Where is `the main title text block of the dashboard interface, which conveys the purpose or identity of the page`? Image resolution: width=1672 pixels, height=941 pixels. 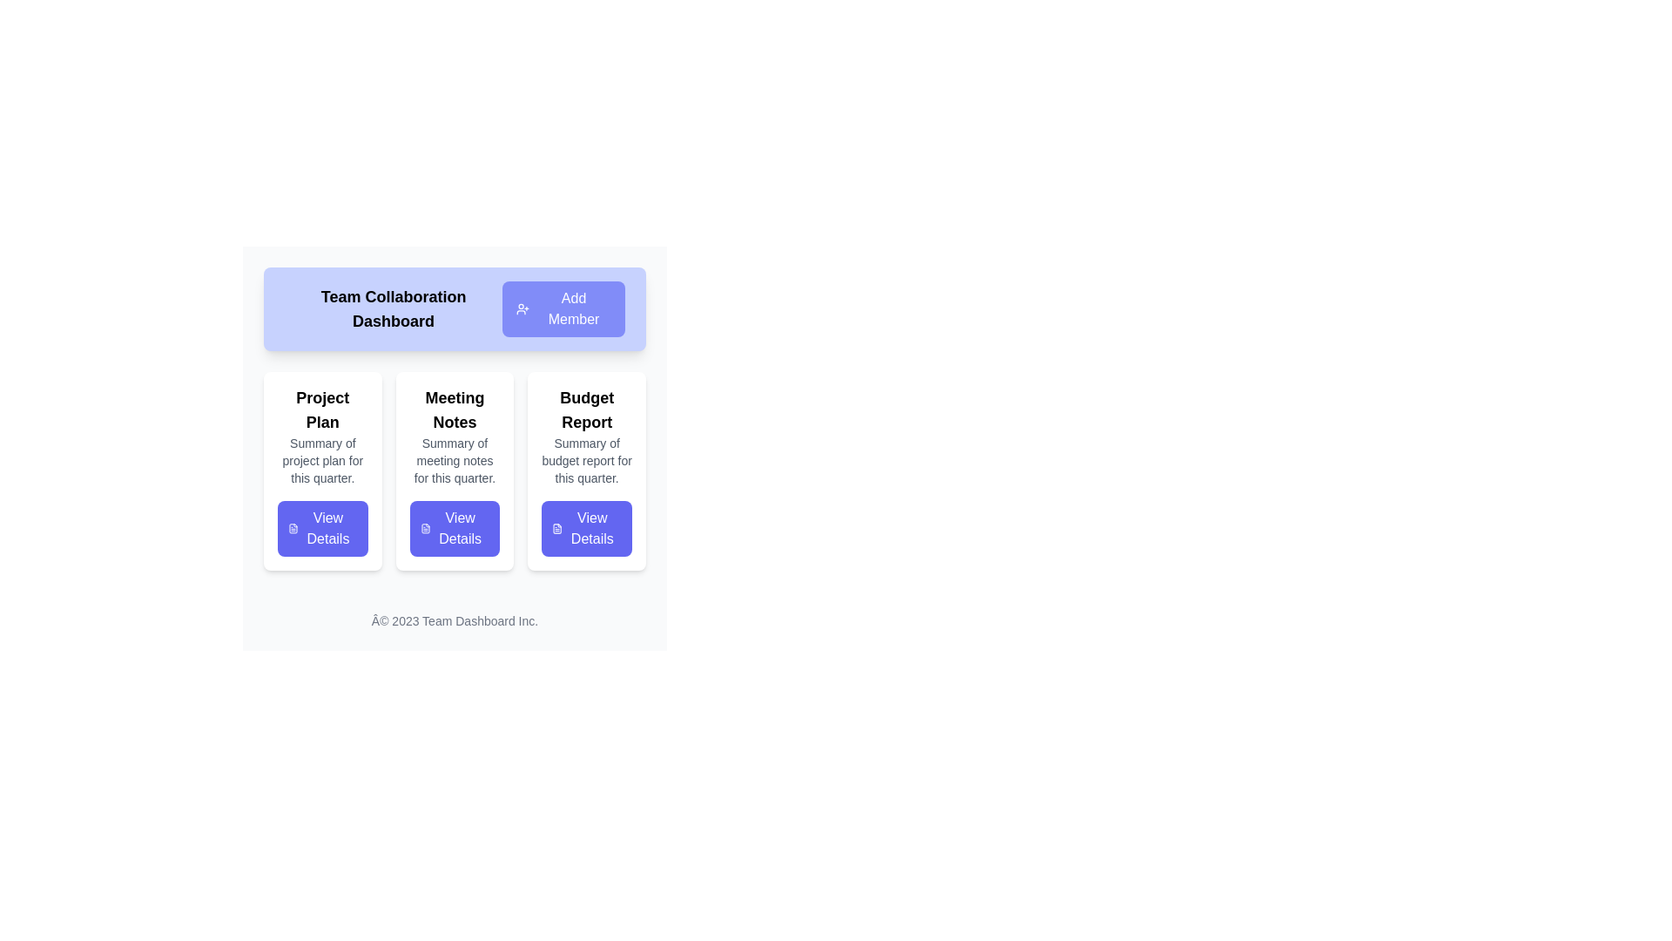
the main title text block of the dashboard interface, which conveys the purpose or identity of the page is located at coordinates (393, 308).